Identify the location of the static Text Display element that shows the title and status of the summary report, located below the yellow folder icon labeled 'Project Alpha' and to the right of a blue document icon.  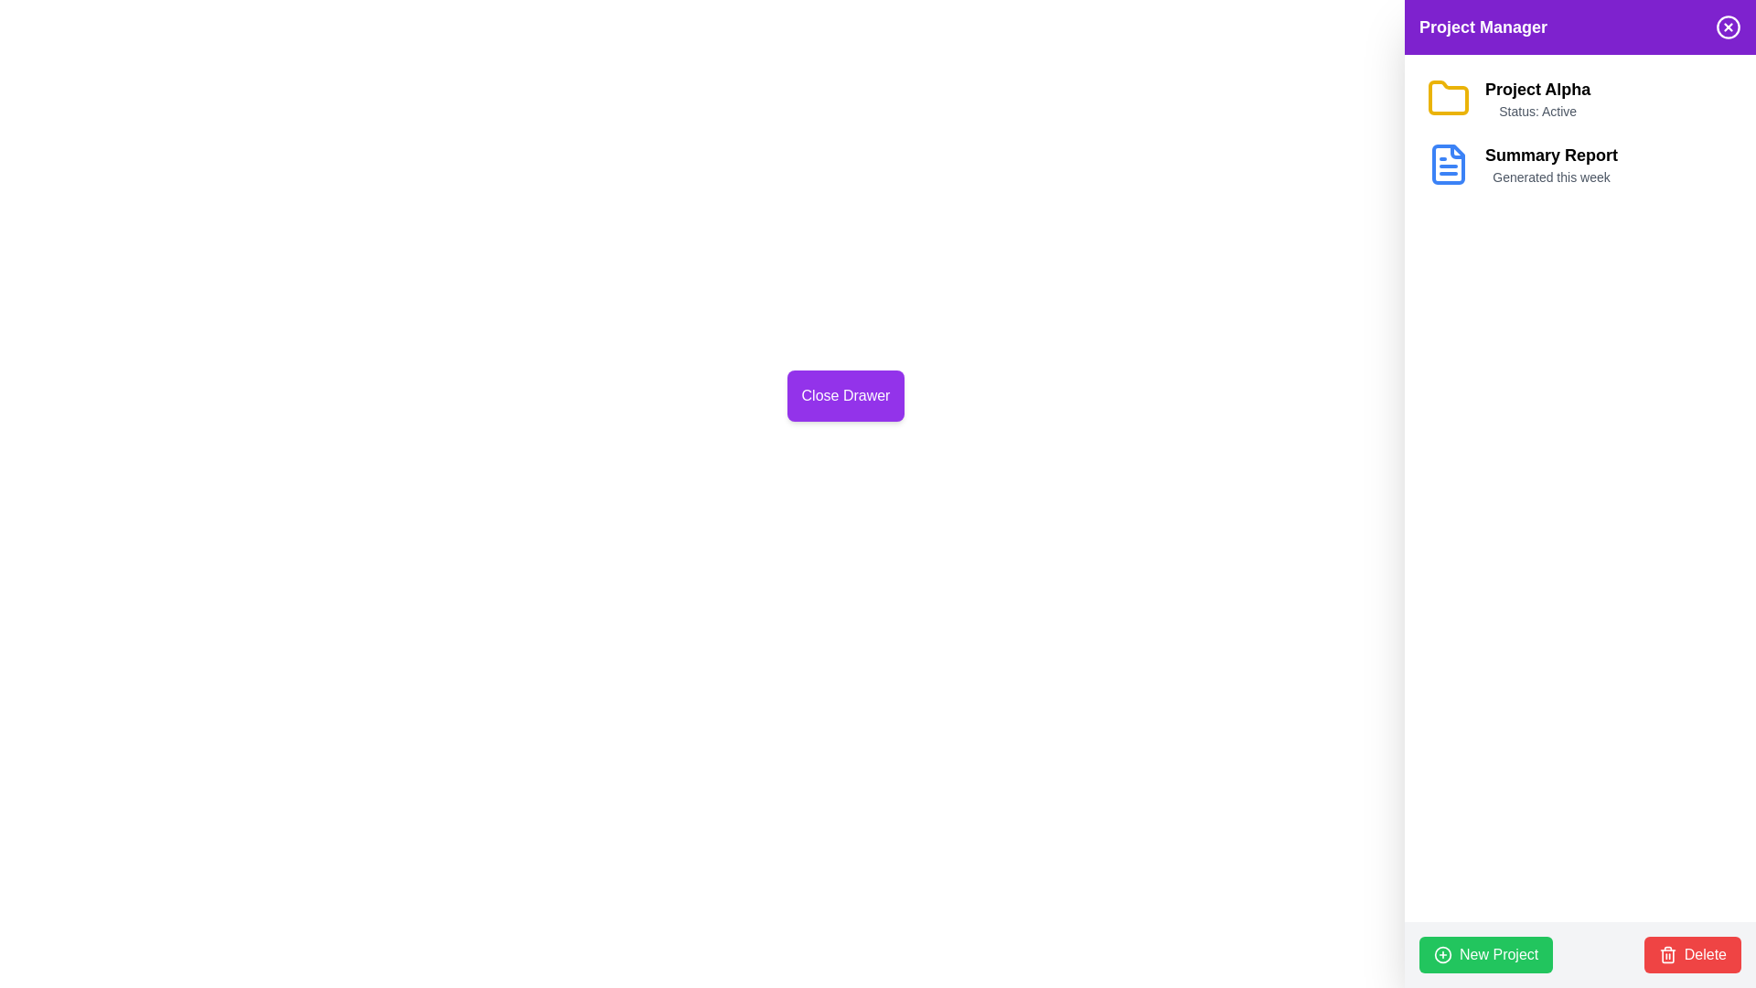
(1550, 165).